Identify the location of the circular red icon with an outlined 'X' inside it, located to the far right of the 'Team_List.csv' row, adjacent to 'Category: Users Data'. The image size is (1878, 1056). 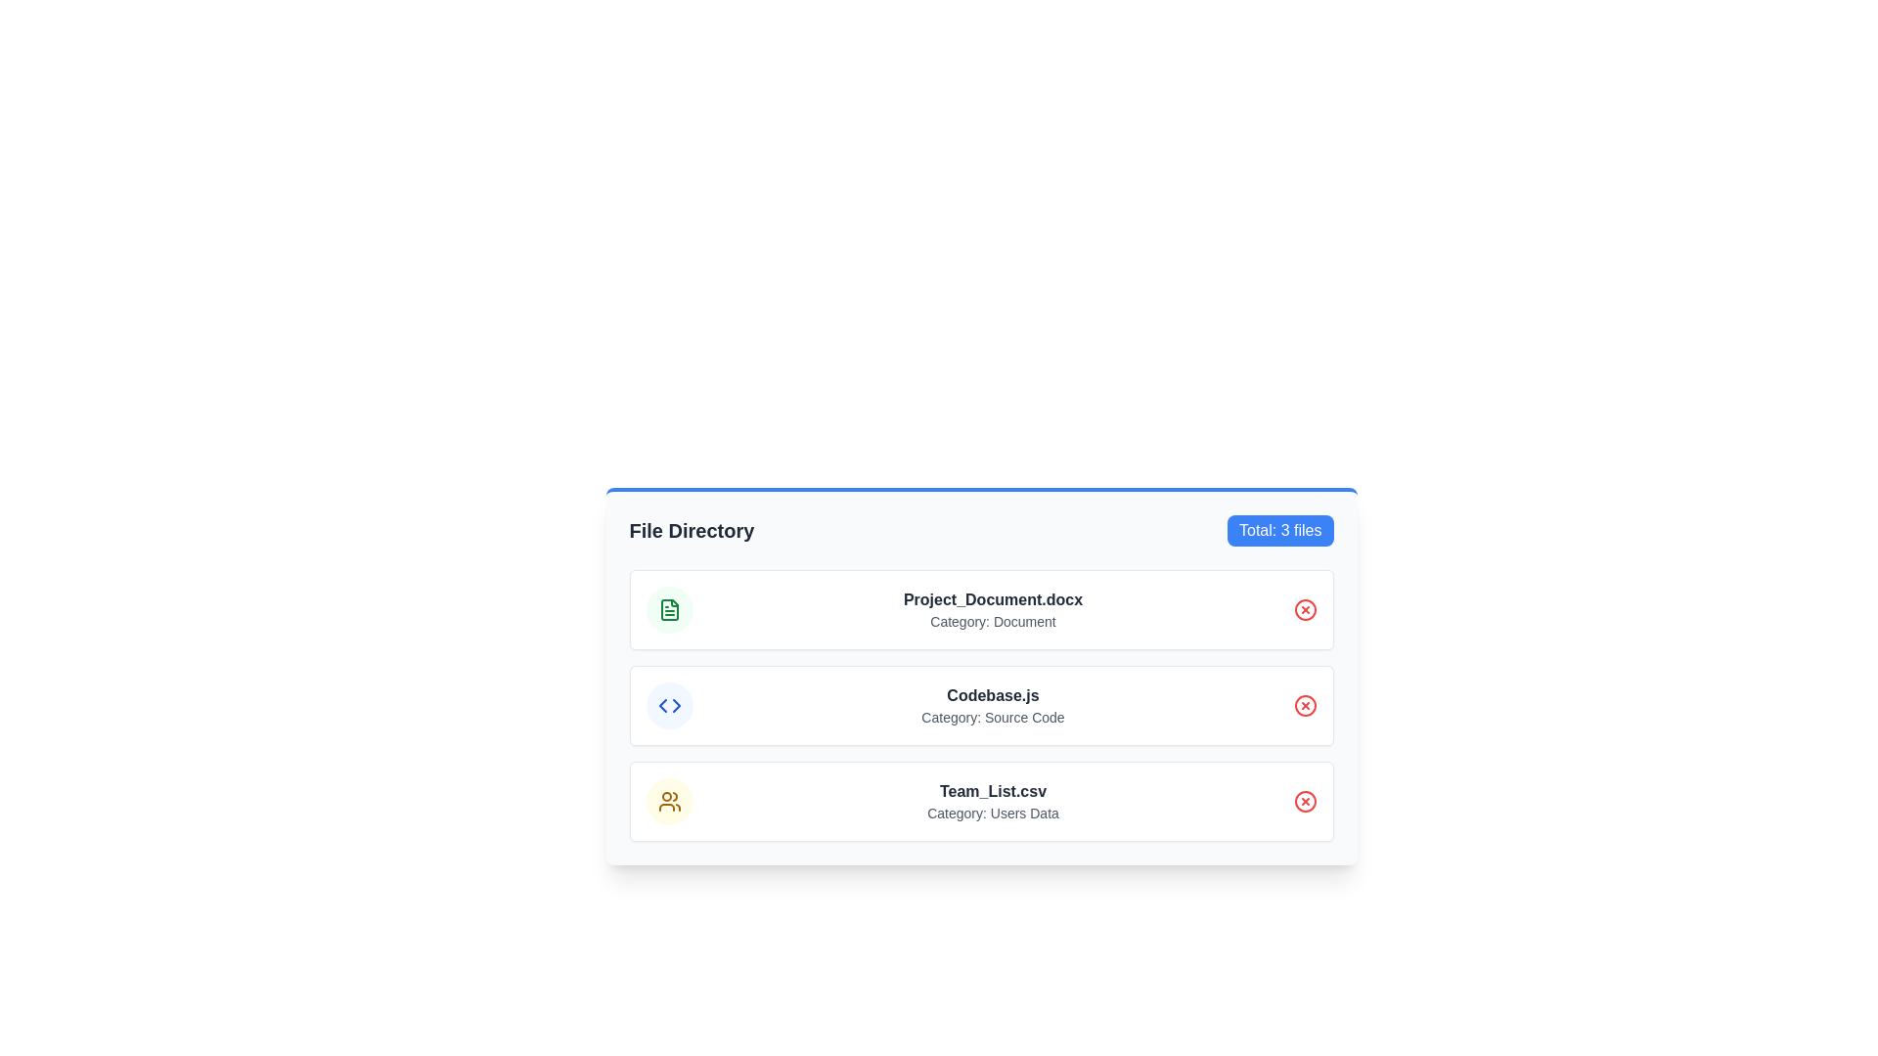
(1305, 802).